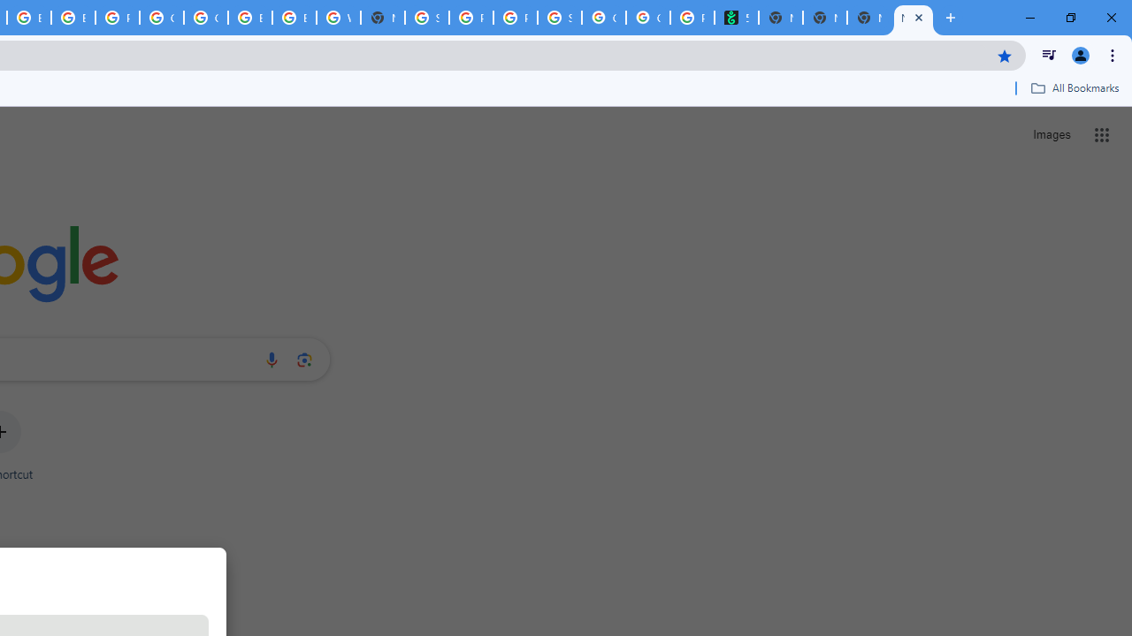 This screenshot has width=1132, height=636. Describe the element at coordinates (249, 18) in the screenshot. I see `'Browse Chrome as a guest - Computer - Google Chrome Help'` at that location.